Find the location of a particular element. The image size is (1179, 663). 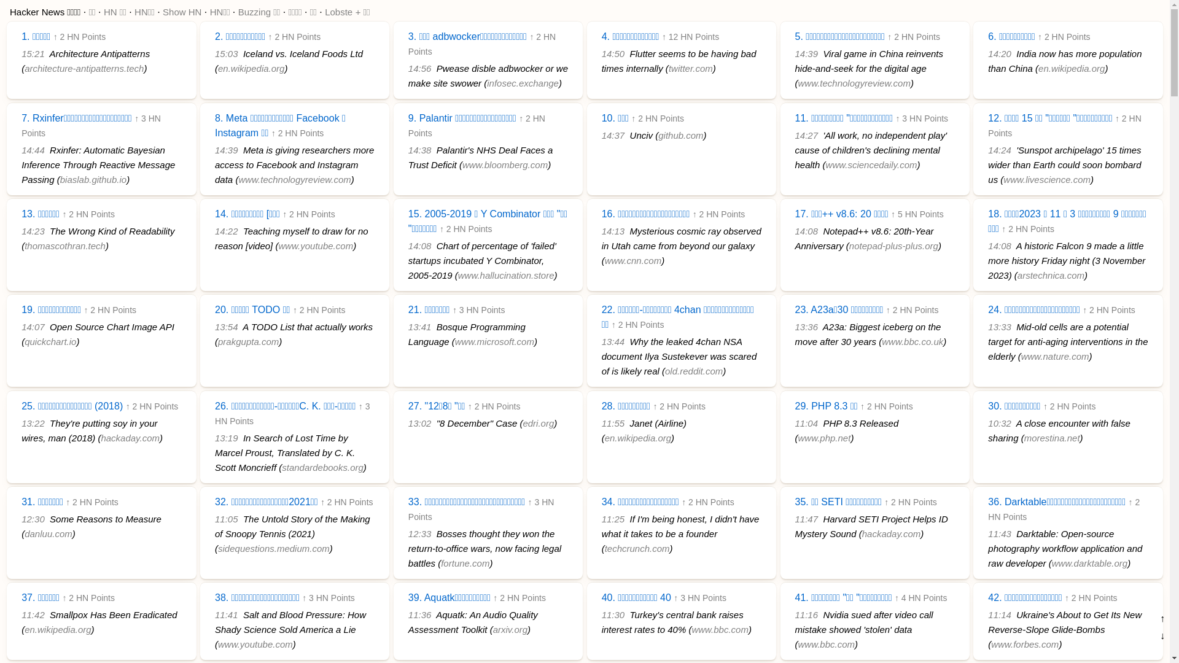

'arxiv.org' is located at coordinates (510, 629).